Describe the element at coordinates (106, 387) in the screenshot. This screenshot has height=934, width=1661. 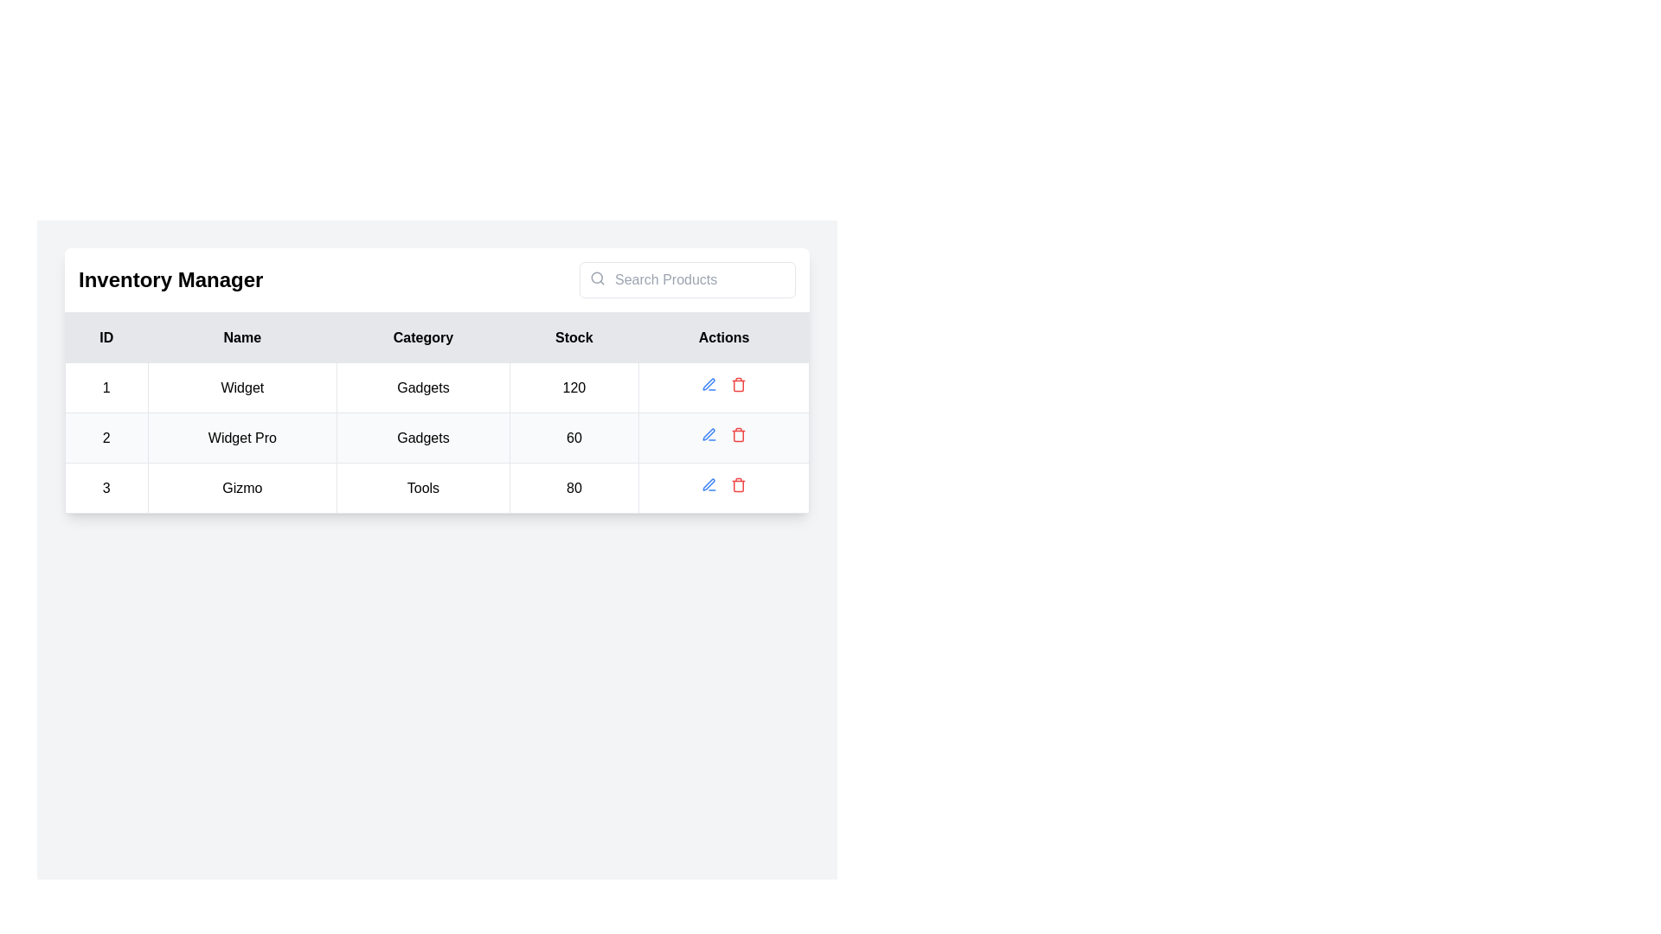
I see `the text-based identifier located in the first column of the first row under the 'ID' heading` at that location.